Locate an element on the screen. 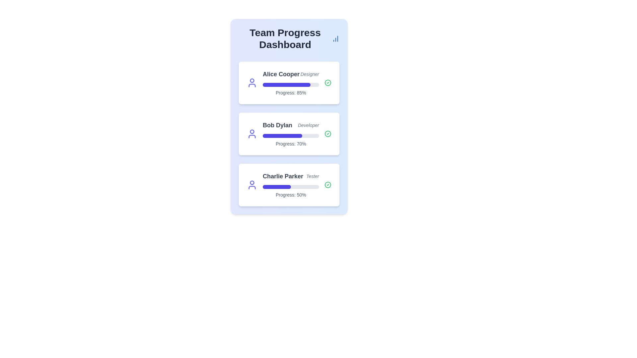  the progress bar and label for 'Charlie Parker', the Tester, which shows 50% completion and is the third element in a vertical list within a card-like component is located at coordinates (291, 185).